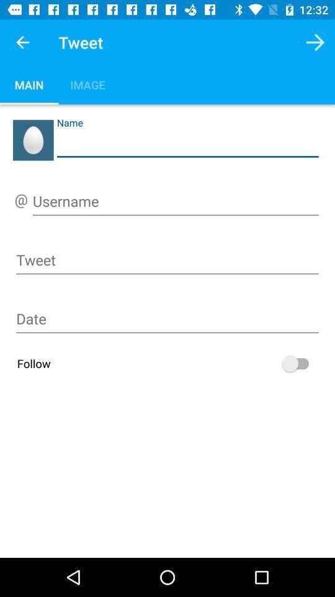 The image size is (335, 597). Describe the element at coordinates (167, 320) in the screenshot. I see `input date` at that location.